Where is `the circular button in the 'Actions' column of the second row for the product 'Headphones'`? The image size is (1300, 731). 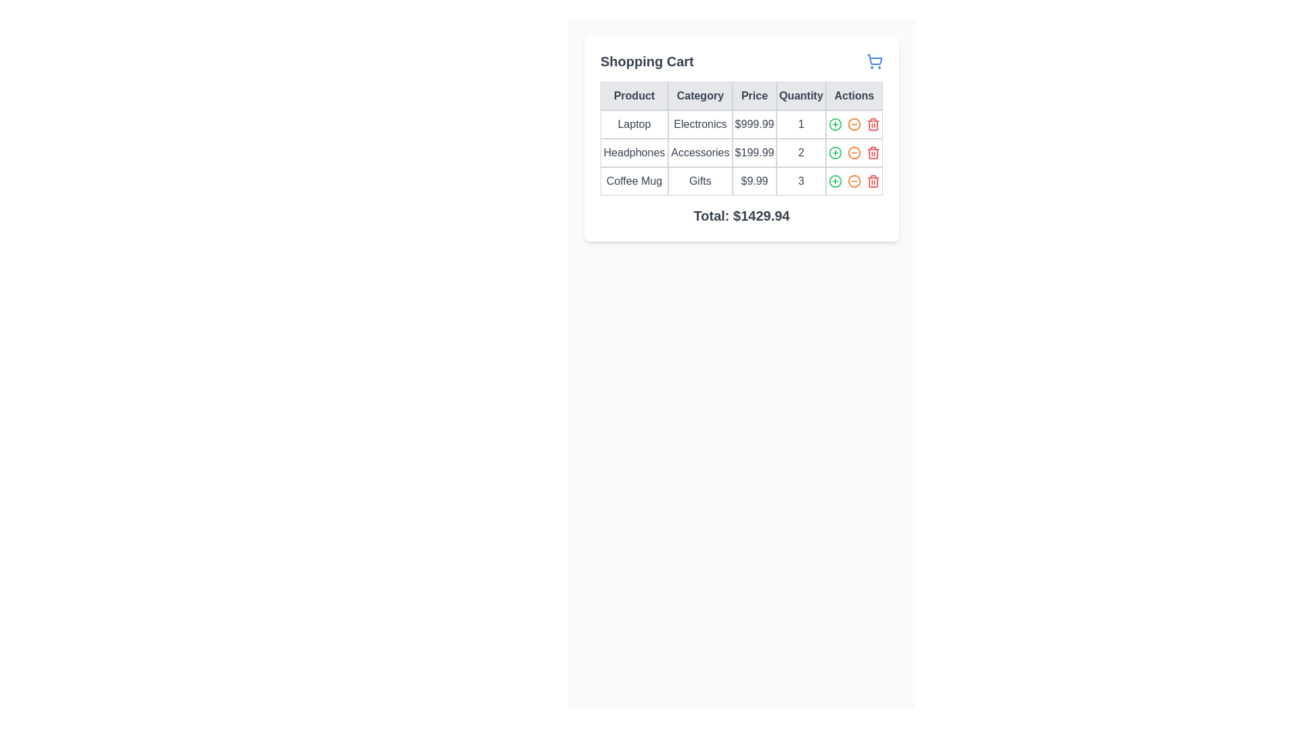 the circular button in the 'Actions' column of the second row for the product 'Headphones' is located at coordinates (853, 152).